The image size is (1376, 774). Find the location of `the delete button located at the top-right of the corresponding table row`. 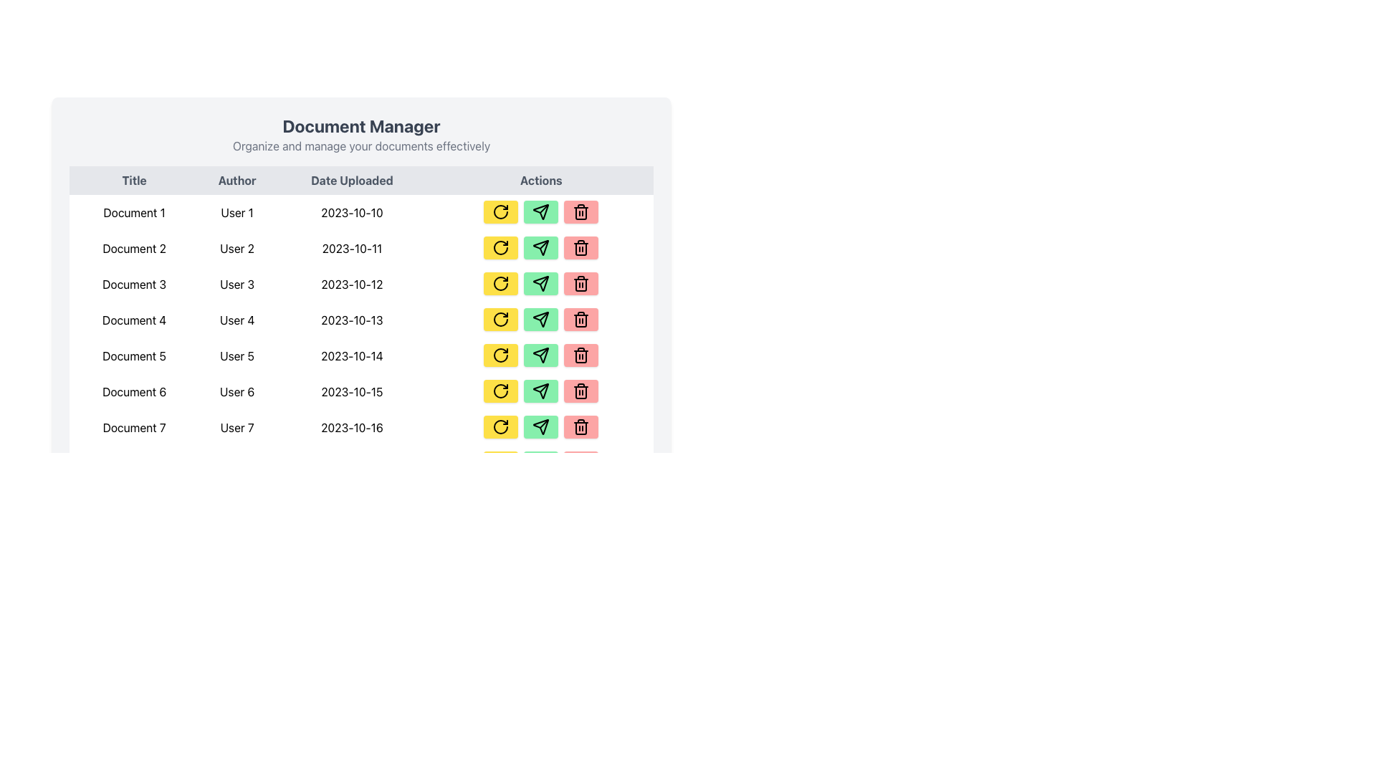

the delete button located at the top-right of the corresponding table row is located at coordinates (581, 284).